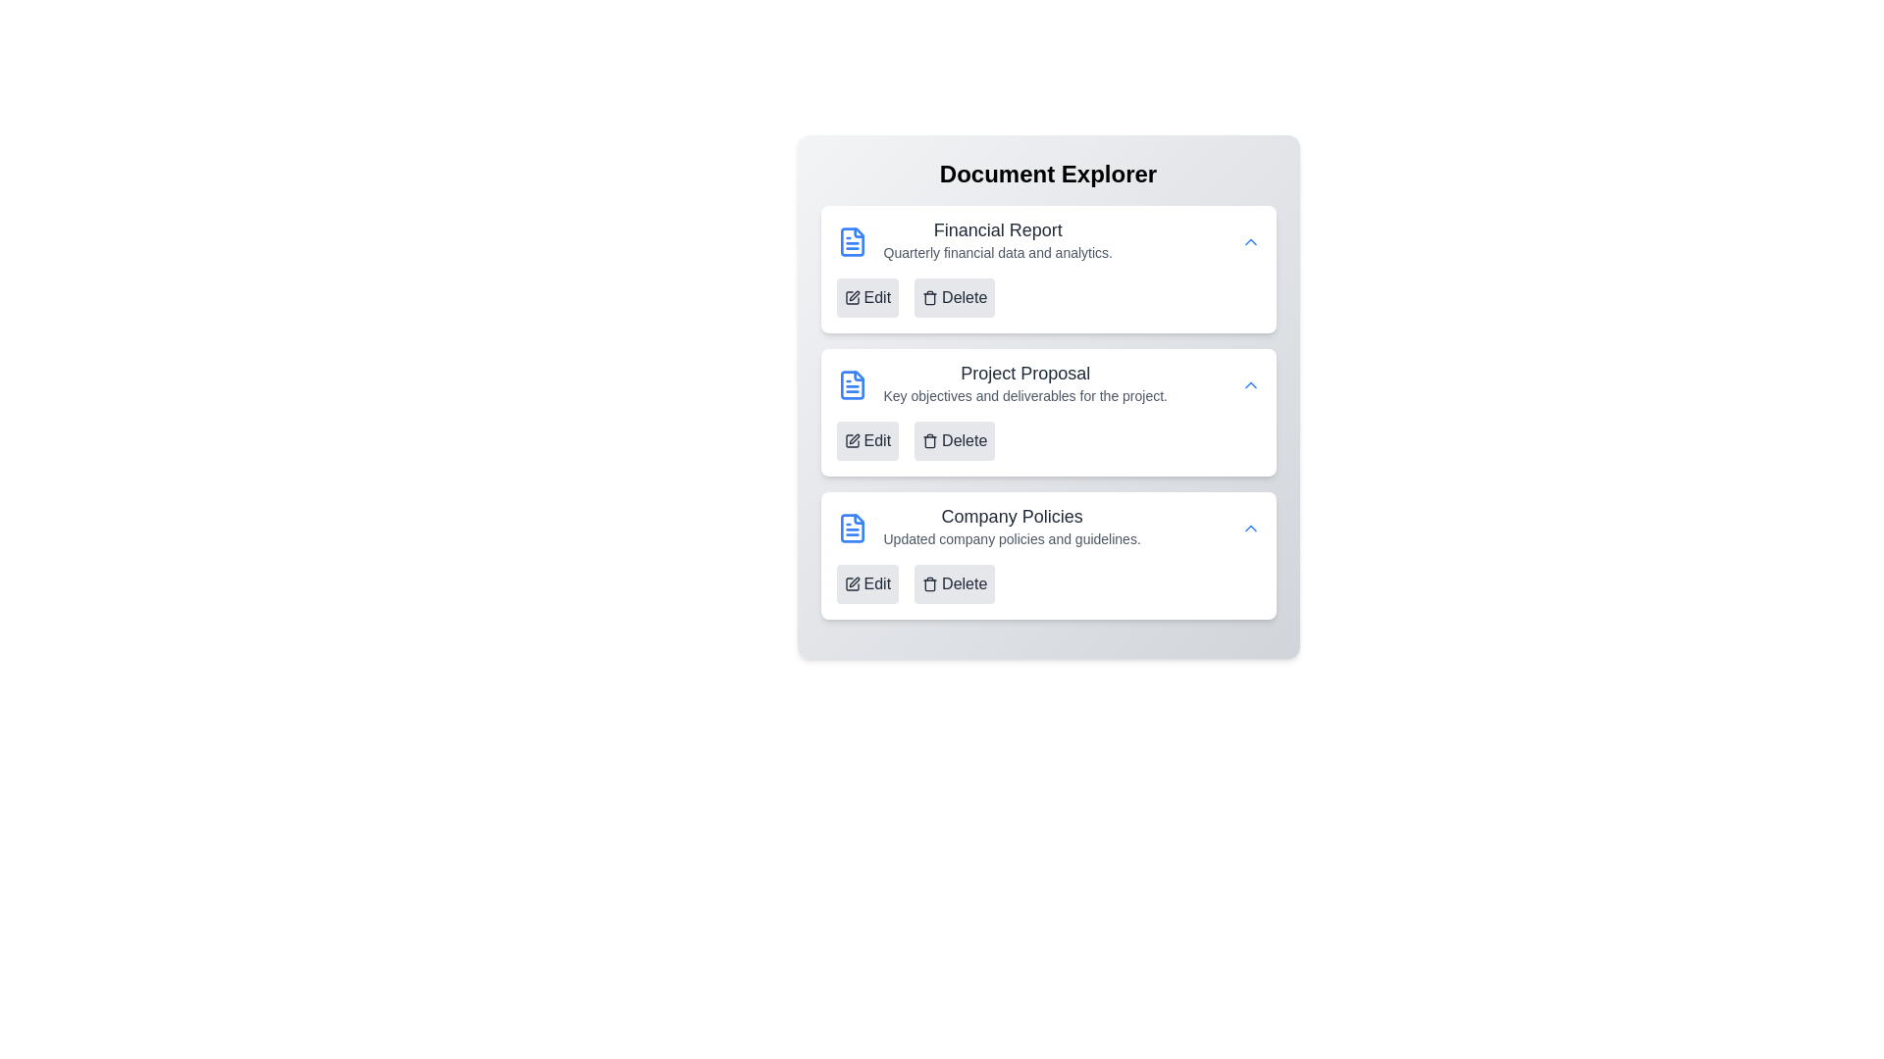 This screenshot has height=1059, width=1884. Describe the element at coordinates (955, 441) in the screenshot. I see `'Delete' button for the document titled 'Project Proposal'` at that location.